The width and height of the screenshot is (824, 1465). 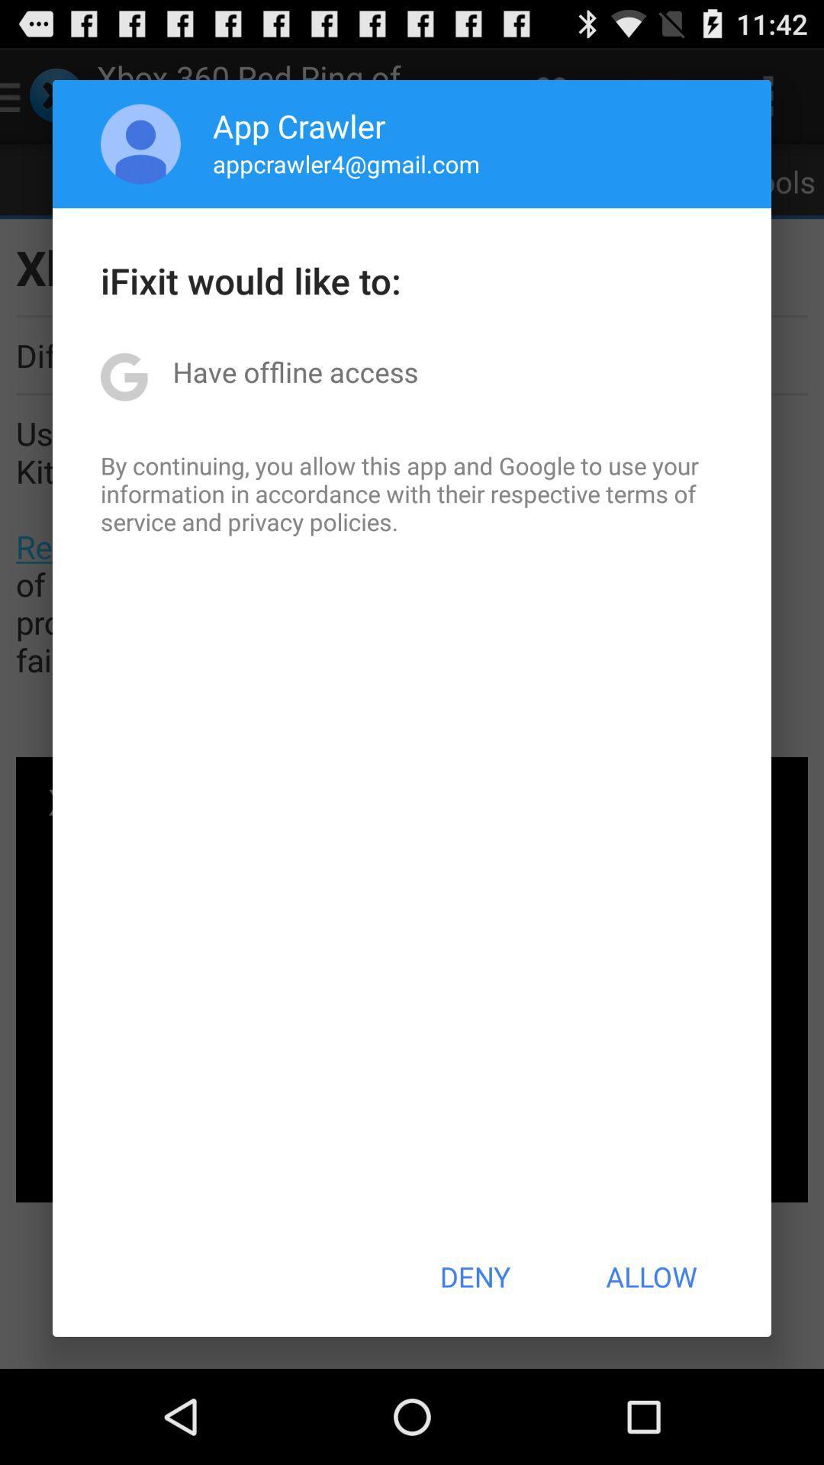 What do you see at coordinates (474, 1277) in the screenshot?
I see `the icon to the left of allow` at bounding box center [474, 1277].